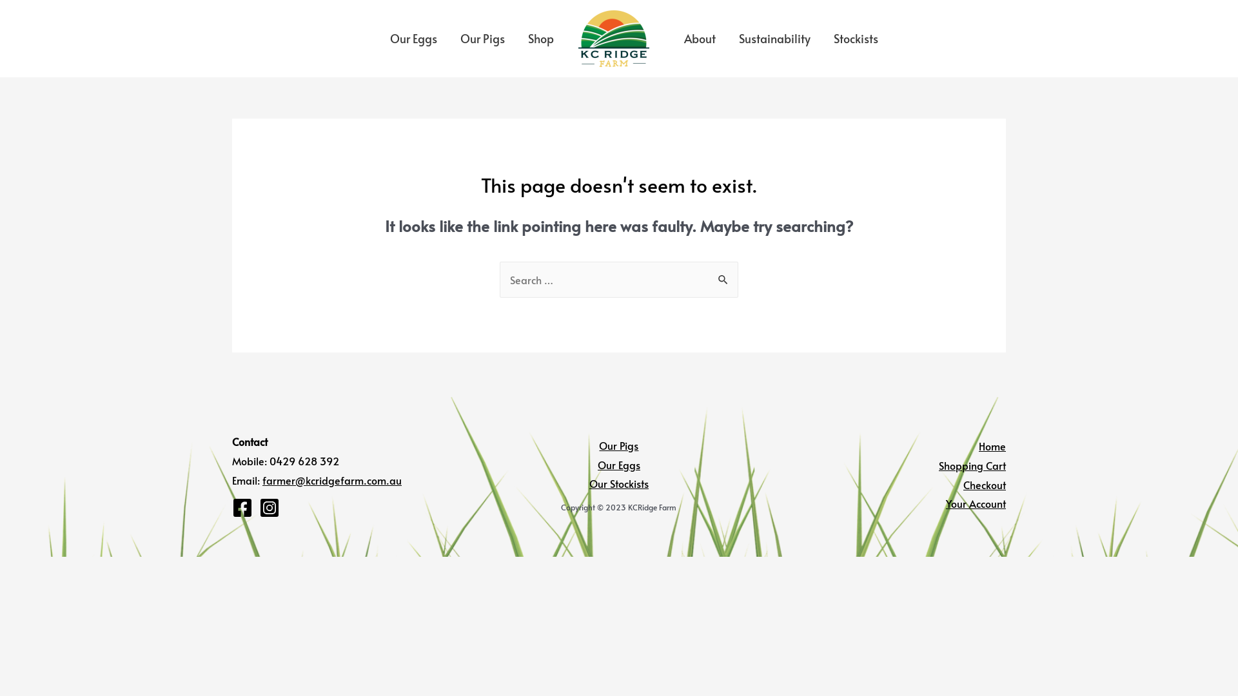  Describe the element at coordinates (976, 502) in the screenshot. I see `'Your Account'` at that location.